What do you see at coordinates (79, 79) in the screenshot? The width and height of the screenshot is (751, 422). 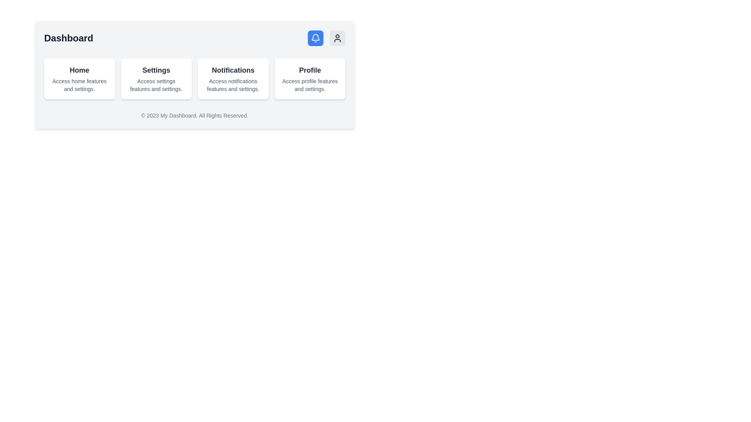 I see `the first card in the grid layout, which has a white background, rounded corners, and contains the text 'Home'` at bounding box center [79, 79].